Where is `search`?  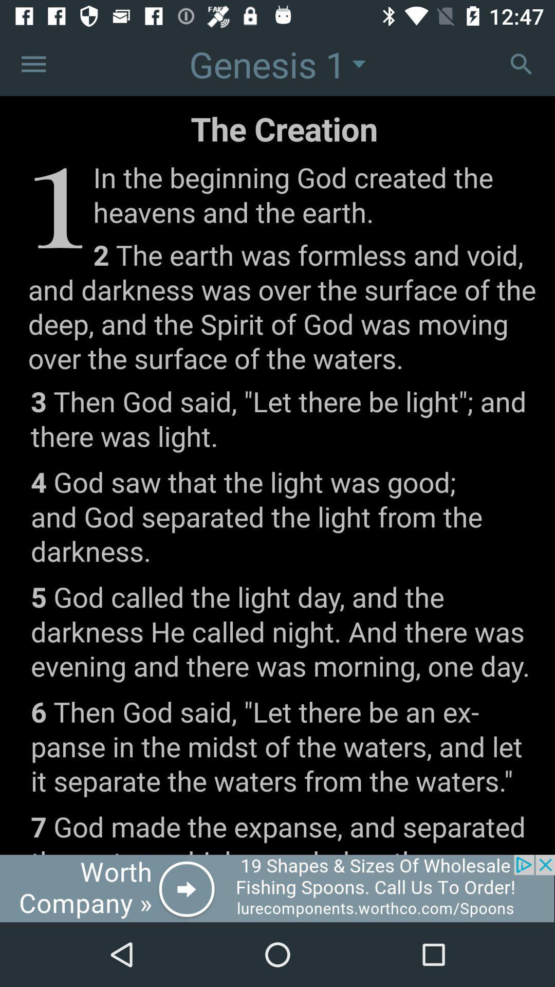 search is located at coordinates (521, 63).